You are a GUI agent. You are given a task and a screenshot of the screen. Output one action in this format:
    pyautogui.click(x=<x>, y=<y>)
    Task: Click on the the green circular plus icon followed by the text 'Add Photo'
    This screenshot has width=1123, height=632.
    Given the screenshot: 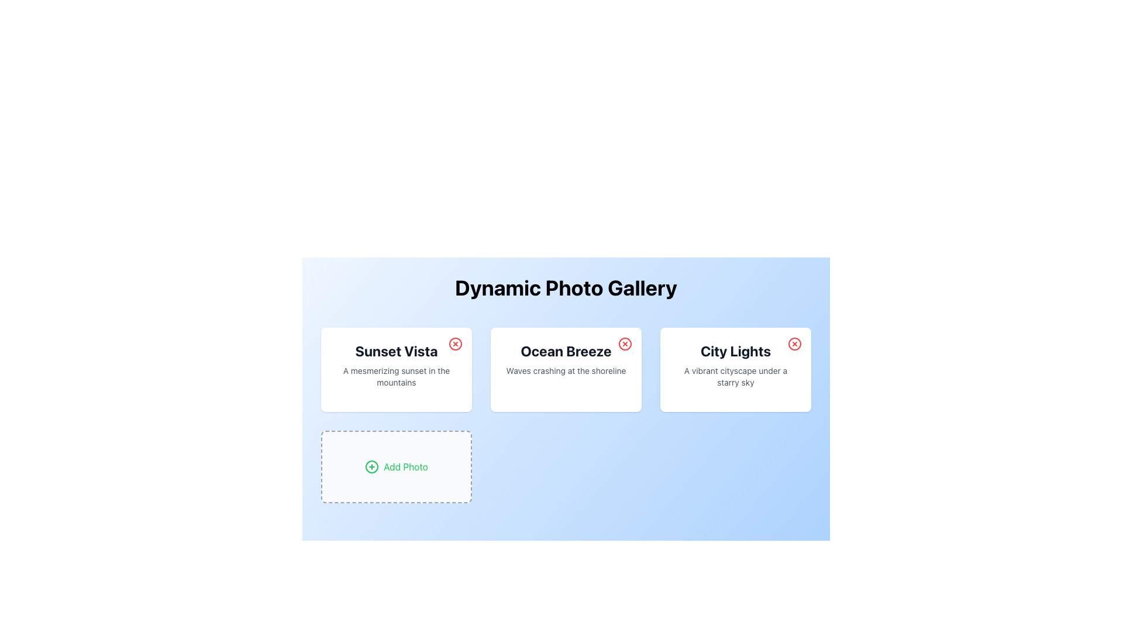 What is the action you would take?
    pyautogui.click(x=396, y=466)
    